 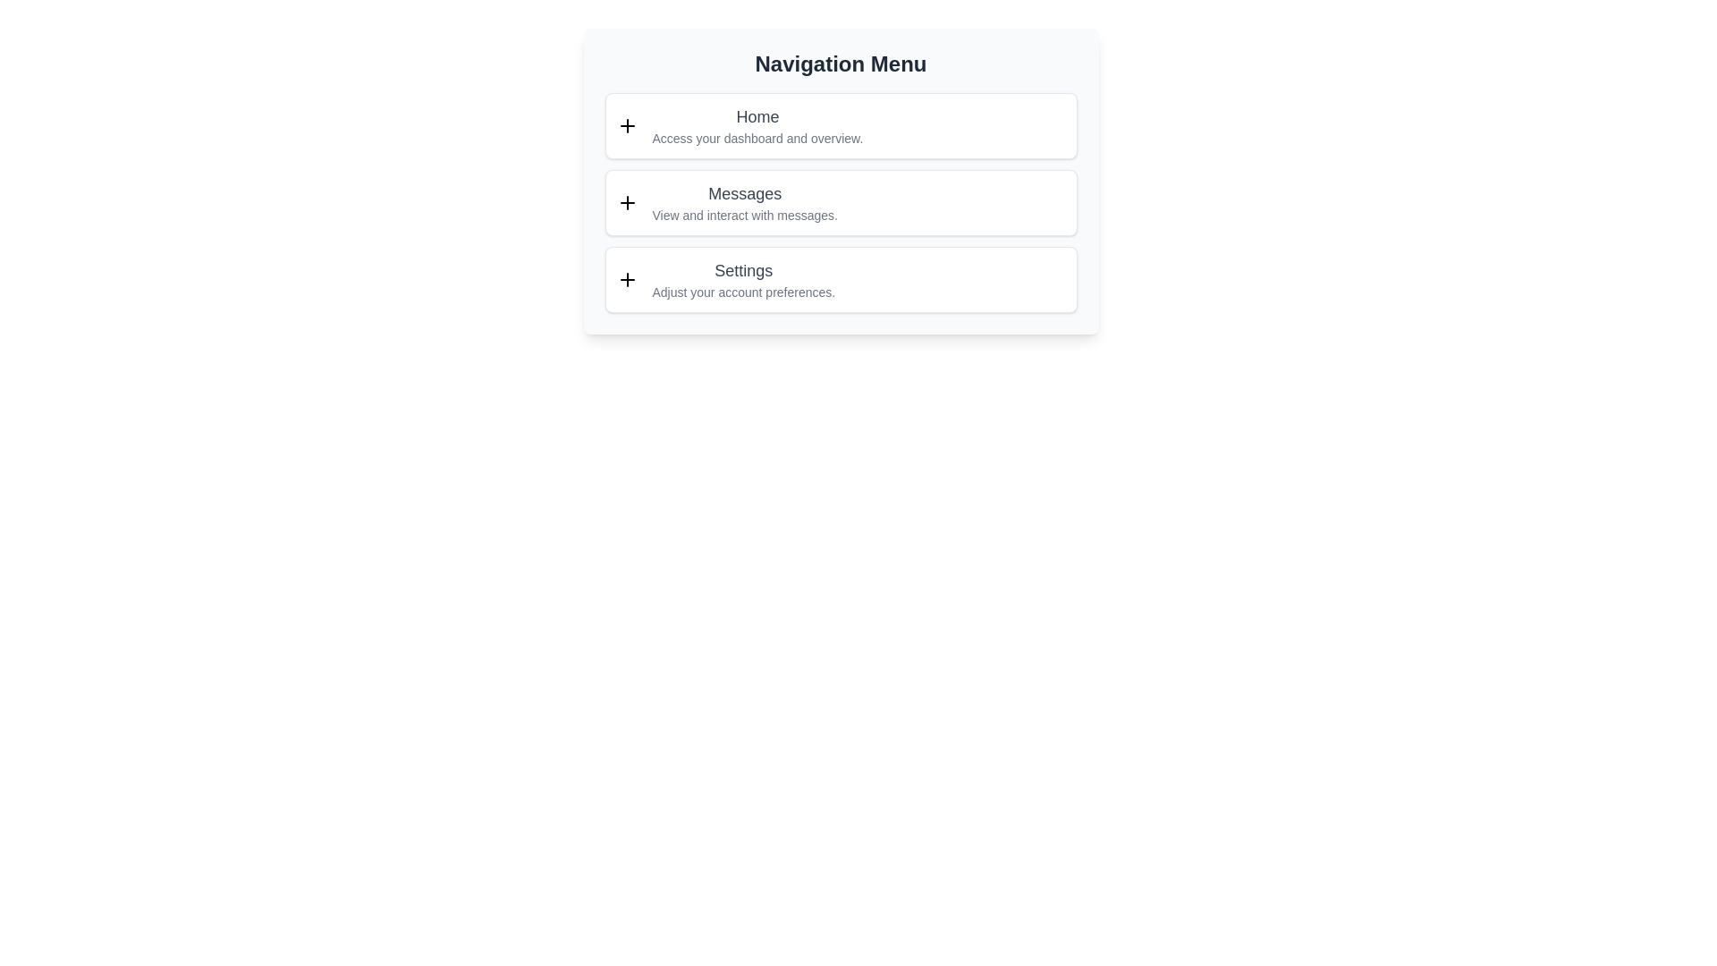 What do you see at coordinates (743, 279) in the screenshot?
I see `the third list item in the account settings section` at bounding box center [743, 279].